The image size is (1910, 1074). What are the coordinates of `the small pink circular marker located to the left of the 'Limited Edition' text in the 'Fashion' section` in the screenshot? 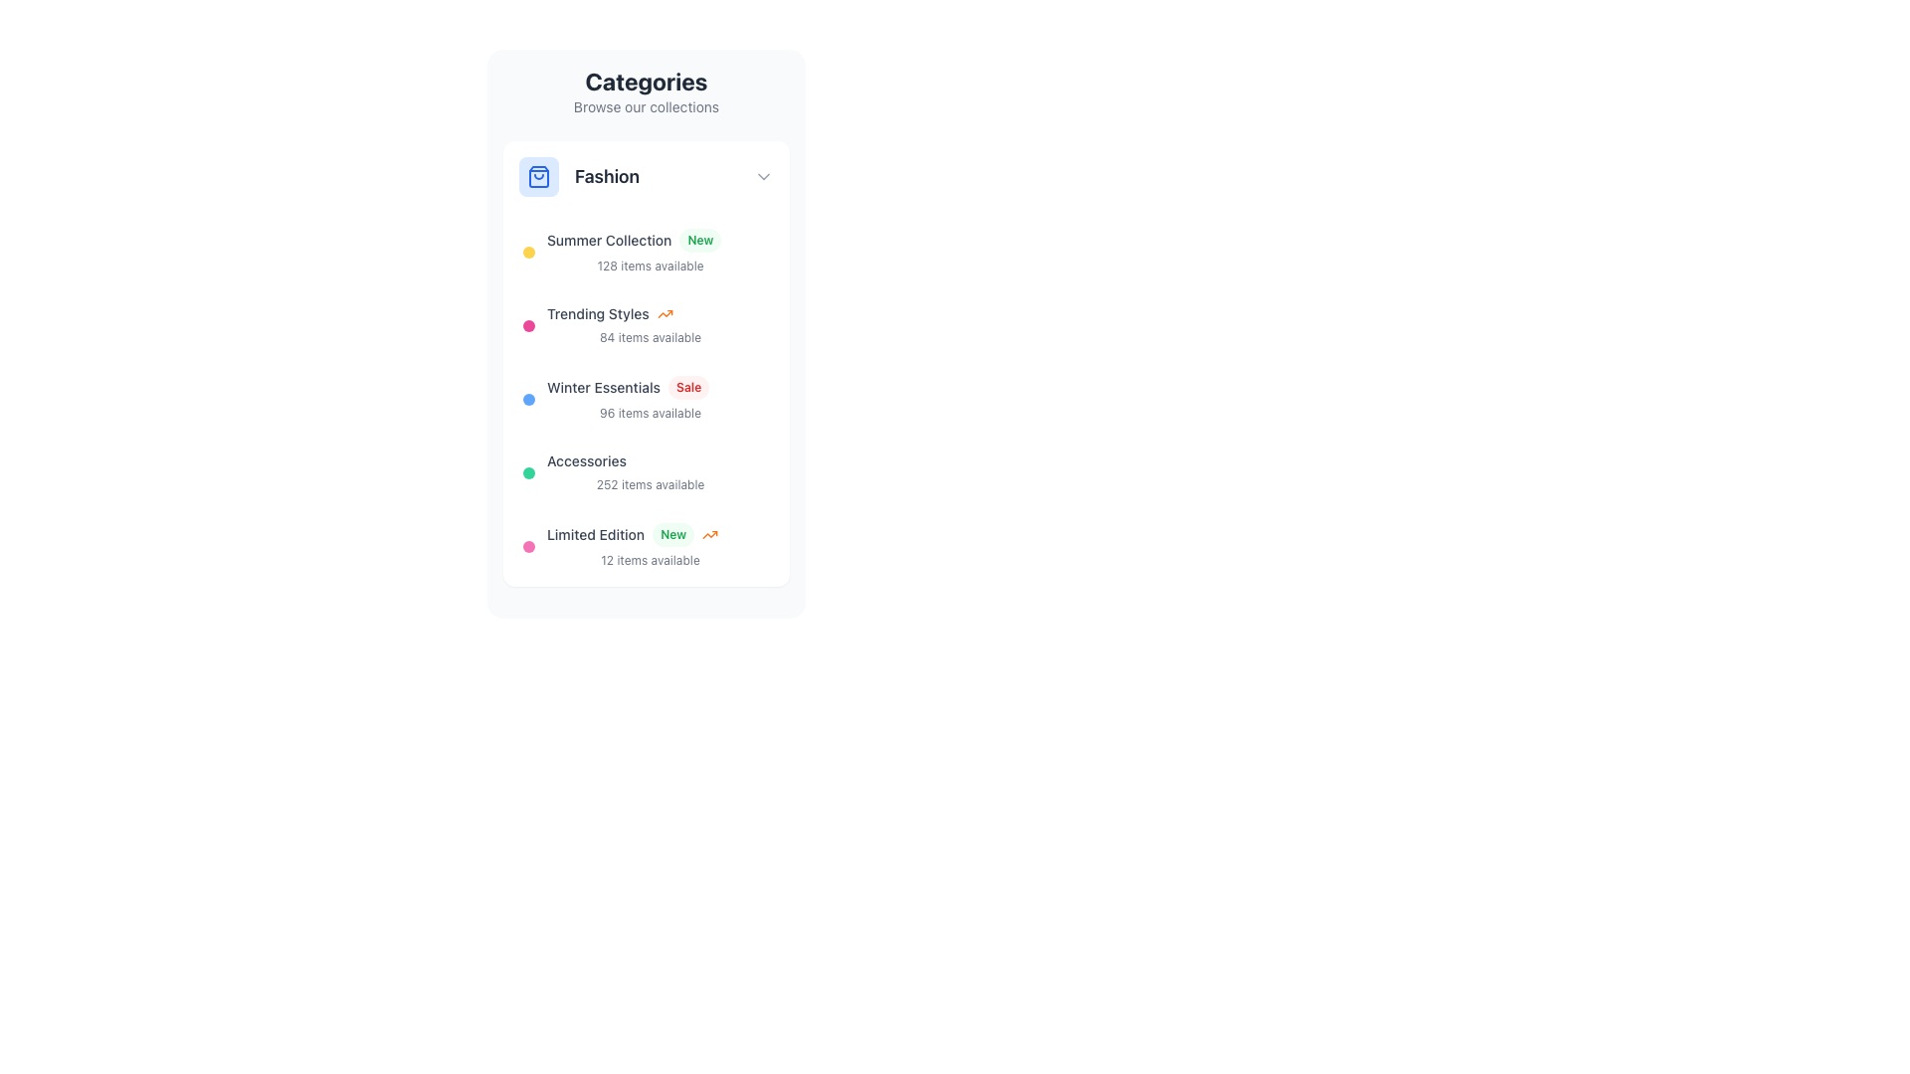 It's located at (529, 547).